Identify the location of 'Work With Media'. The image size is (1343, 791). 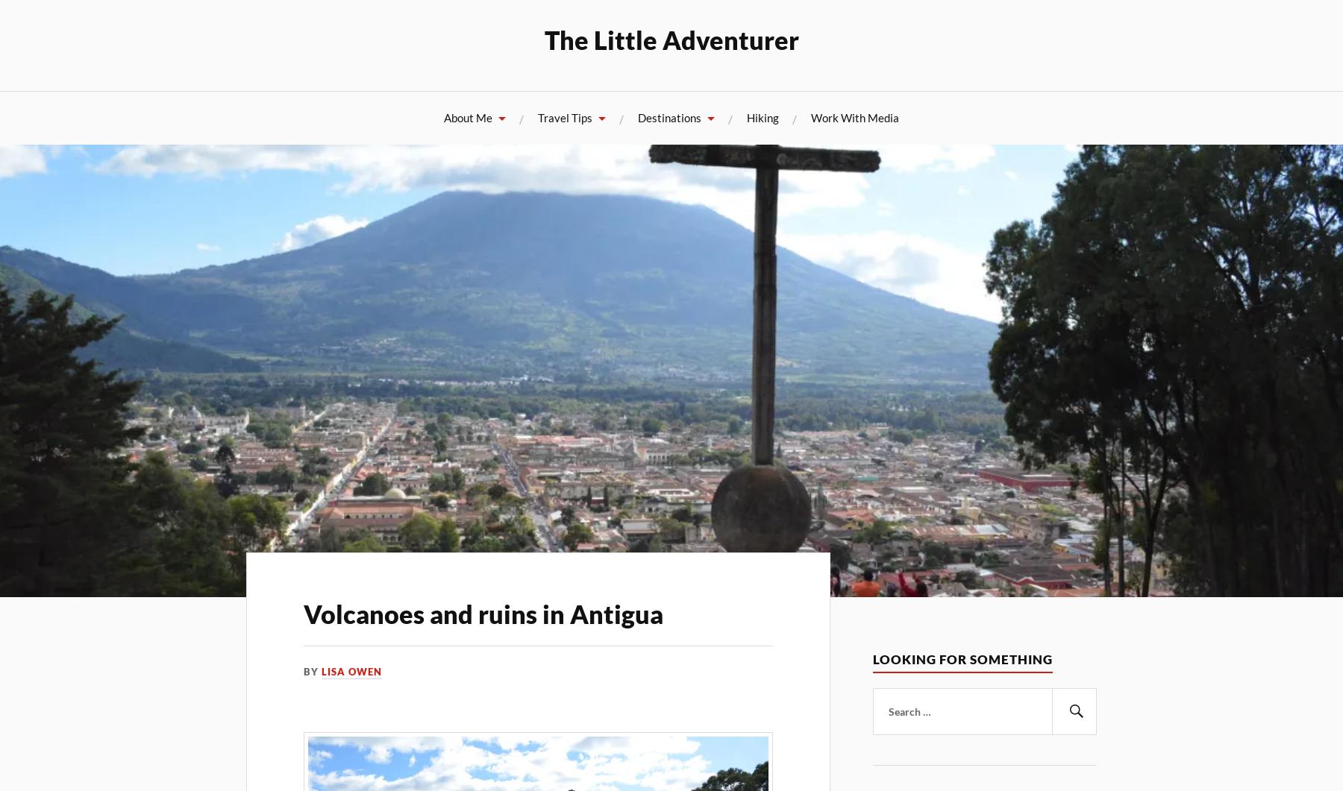
(854, 117).